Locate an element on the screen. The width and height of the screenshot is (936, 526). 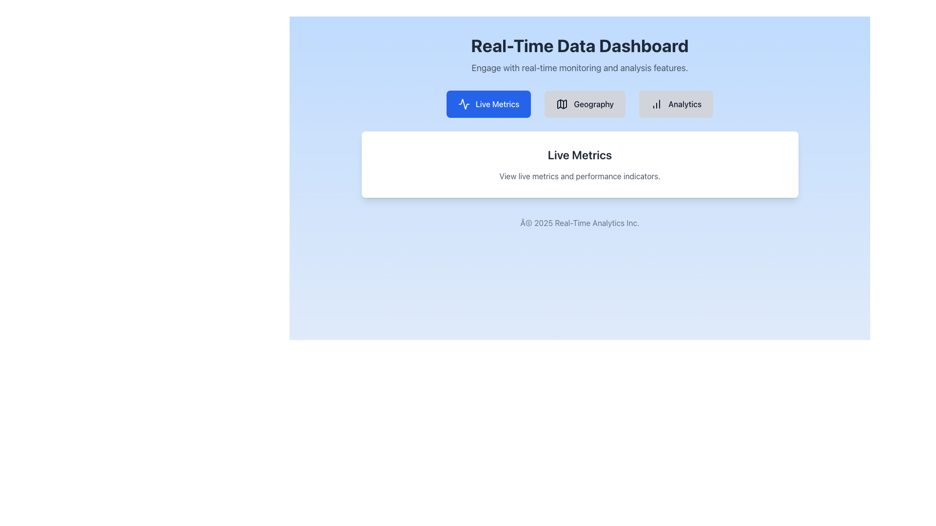
the heading and descriptive text block that displays 'Real-Time Data Dashboard' and 'Engage with real-time monitoring and analysis features.' is located at coordinates (580, 56).